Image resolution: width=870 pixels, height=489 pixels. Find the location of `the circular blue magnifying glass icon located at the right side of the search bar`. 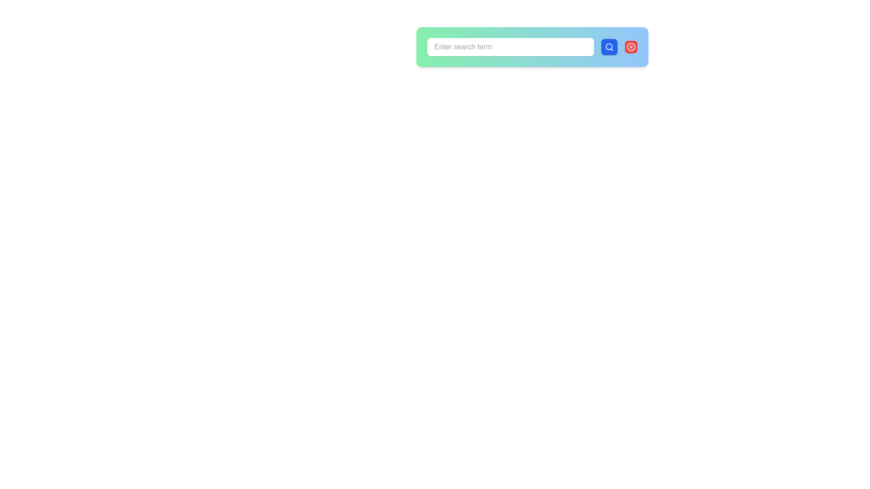

the circular blue magnifying glass icon located at the right side of the search bar is located at coordinates (609, 47).